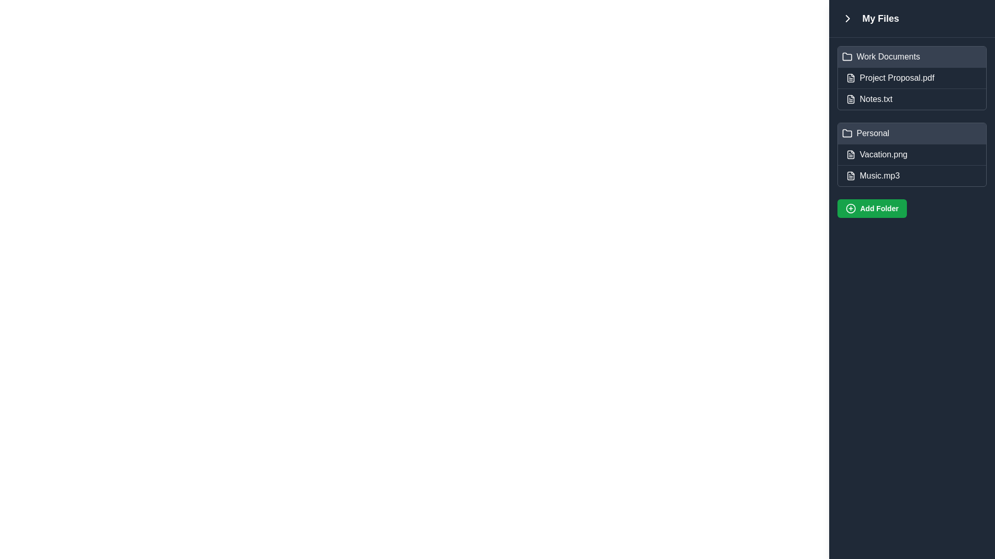 Image resolution: width=995 pixels, height=559 pixels. I want to click on text label 'My Files' which is in bold and large font, styled in white color against a dark blue background, located at the top-left of the sidebar, so click(868, 18).